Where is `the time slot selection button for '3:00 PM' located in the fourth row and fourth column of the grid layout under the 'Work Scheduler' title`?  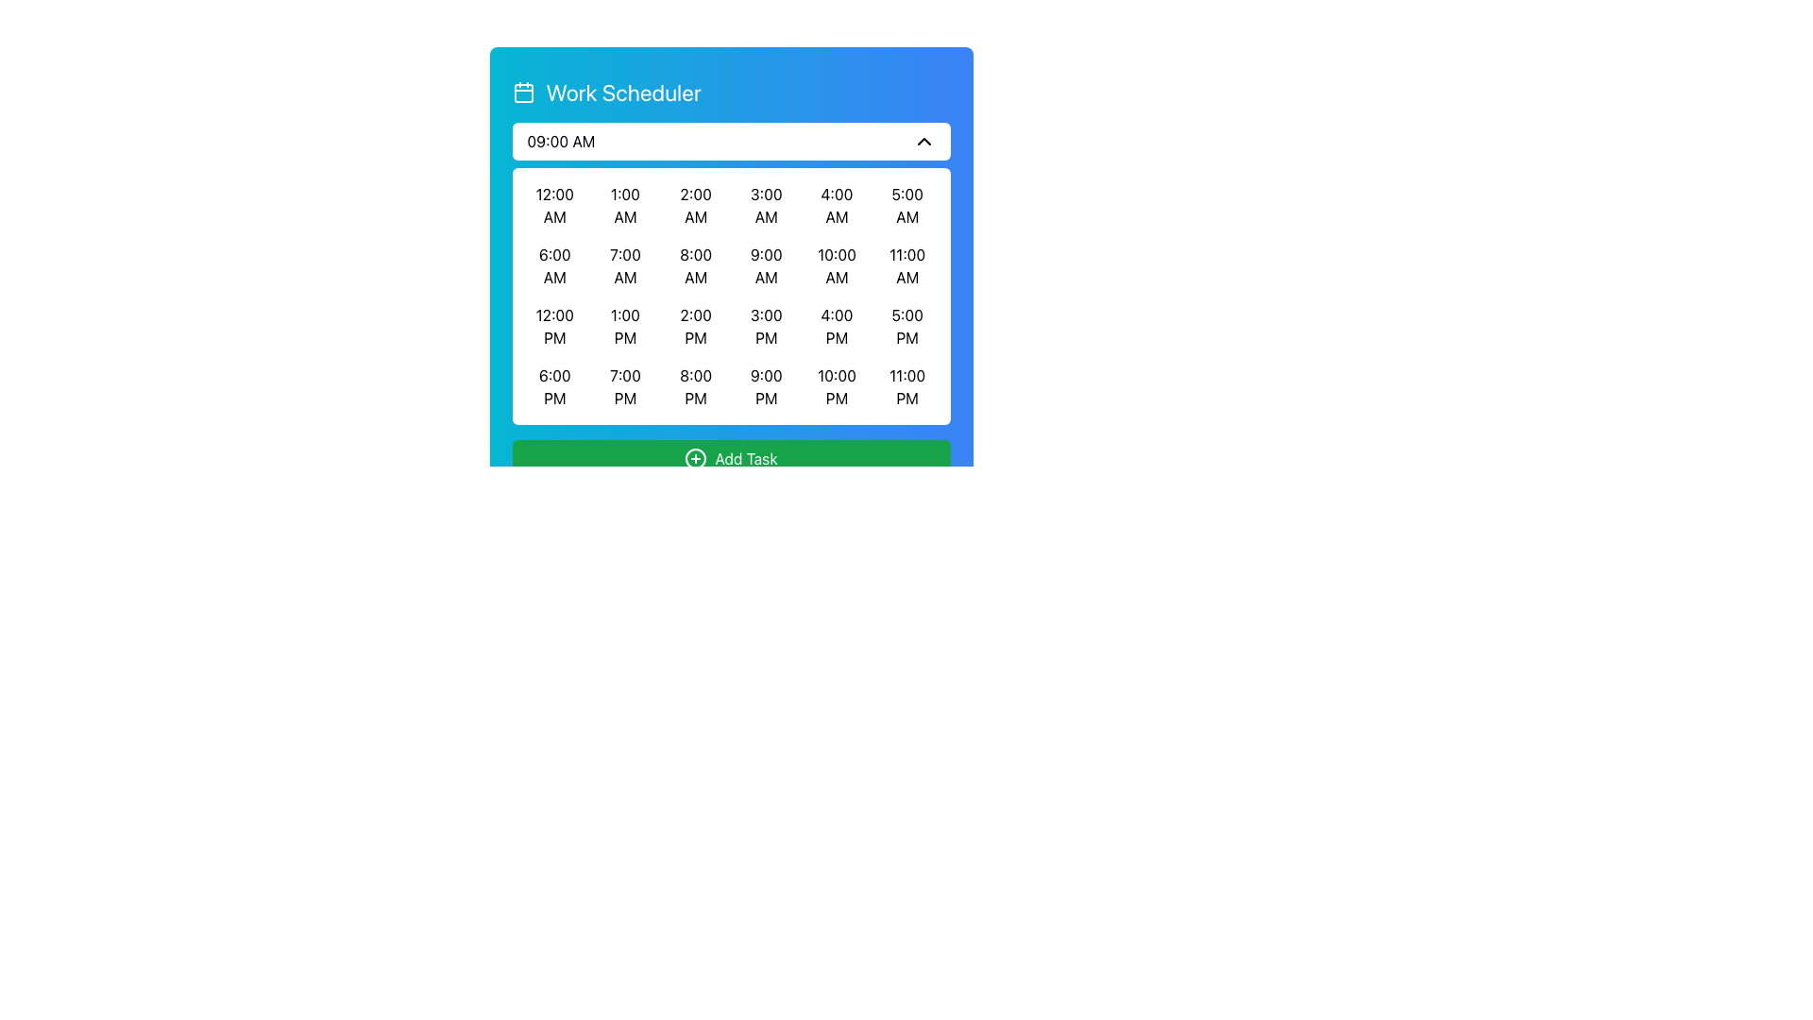
the time slot selection button for '3:00 PM' located in the fourth row and fourth column of the grid layout under the 'Work Scheduler' title is located at coordinates (766, 326).